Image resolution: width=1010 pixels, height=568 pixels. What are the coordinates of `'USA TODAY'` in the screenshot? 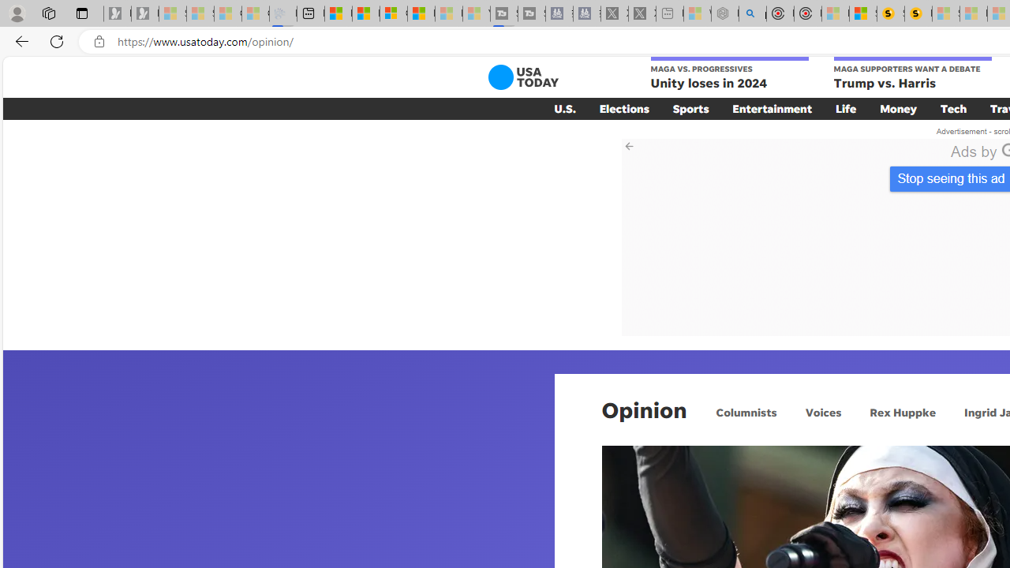 It's located at (523, 77).